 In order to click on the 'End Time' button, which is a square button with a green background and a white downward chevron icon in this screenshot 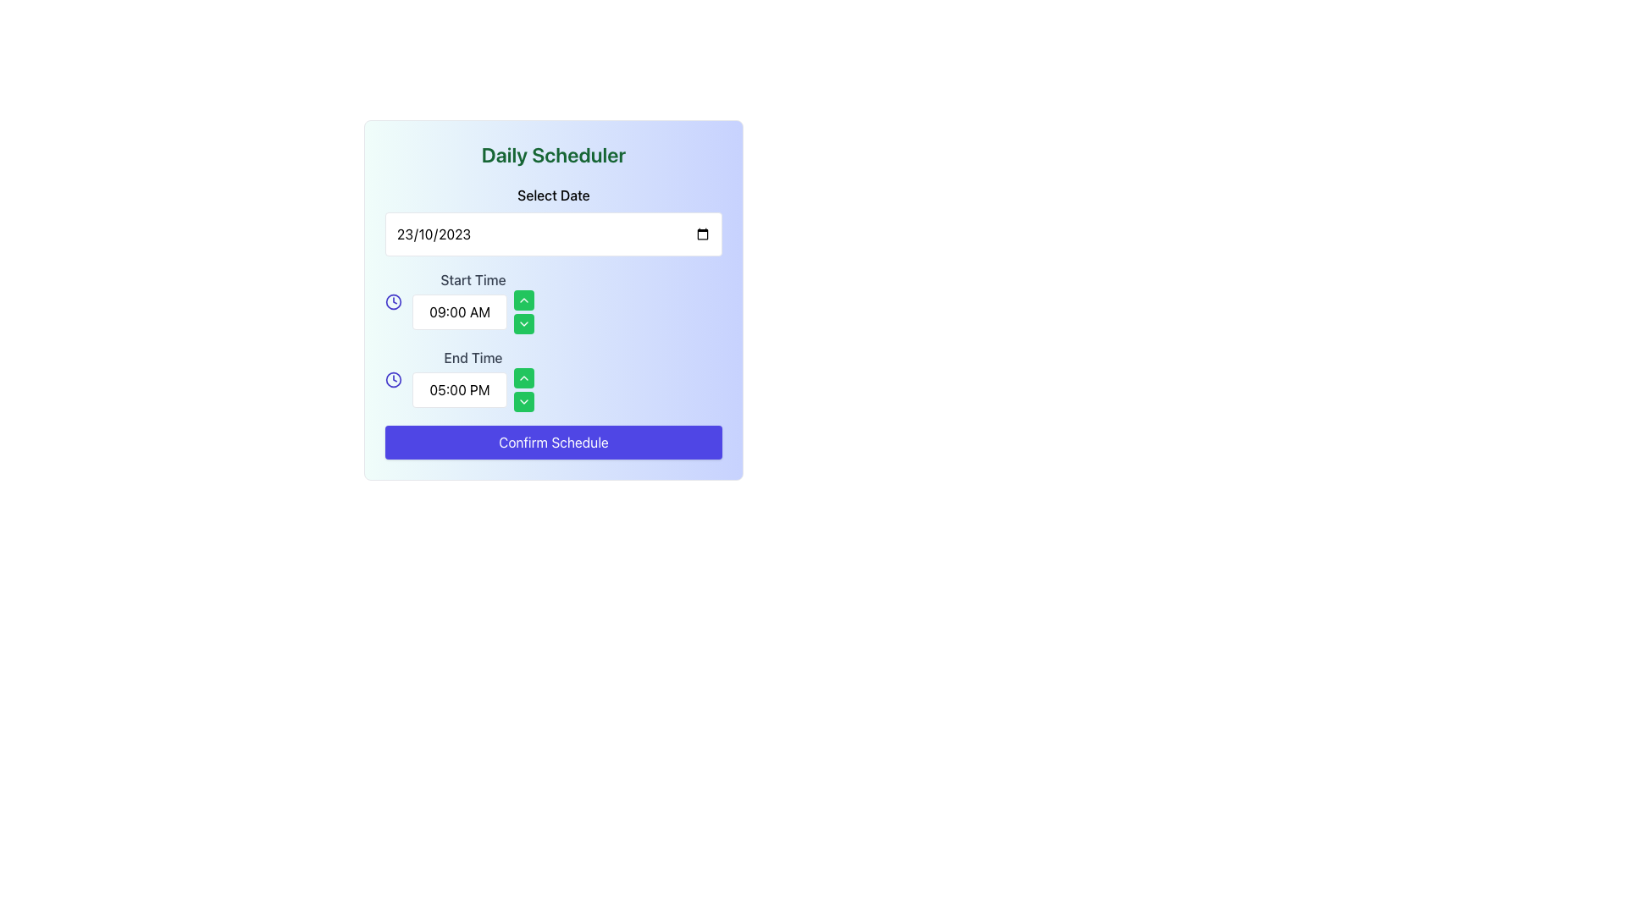, I will do `click(523, 401)`.